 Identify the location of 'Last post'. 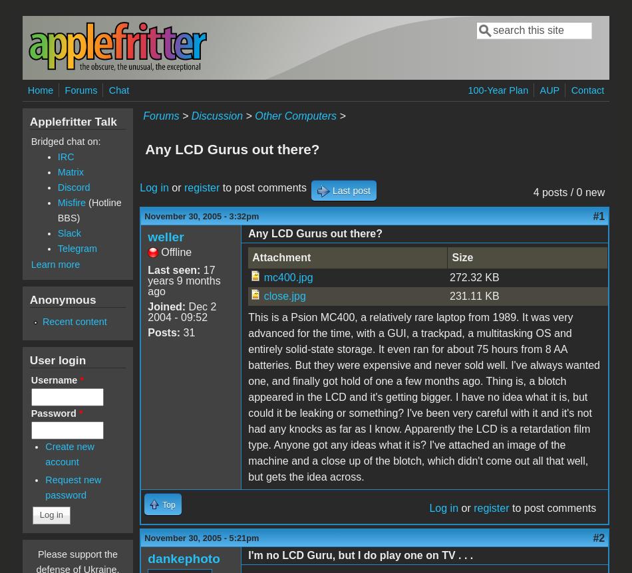
(351, 189).